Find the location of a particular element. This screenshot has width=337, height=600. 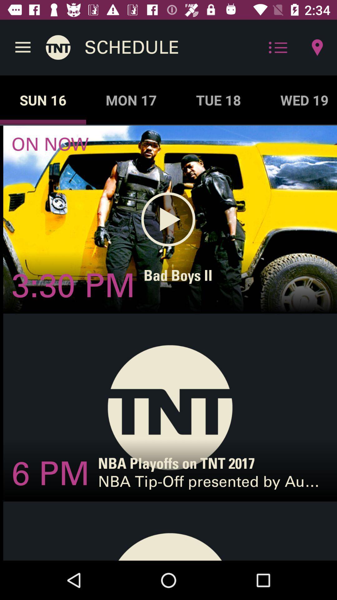

icon next to the mon 17 item is located at coordinates (218, 100).